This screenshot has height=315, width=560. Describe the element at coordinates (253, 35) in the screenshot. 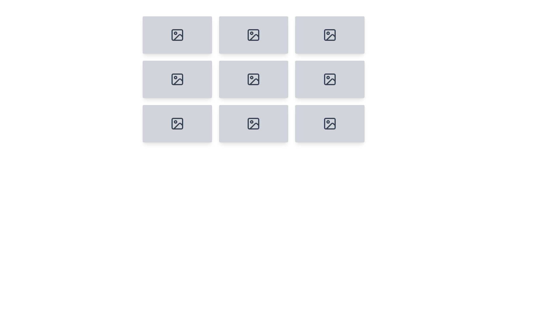

I see `the SVG Icon that represents an image placeholder, located at the center of the second card in the top row of a grid layout` at that location.